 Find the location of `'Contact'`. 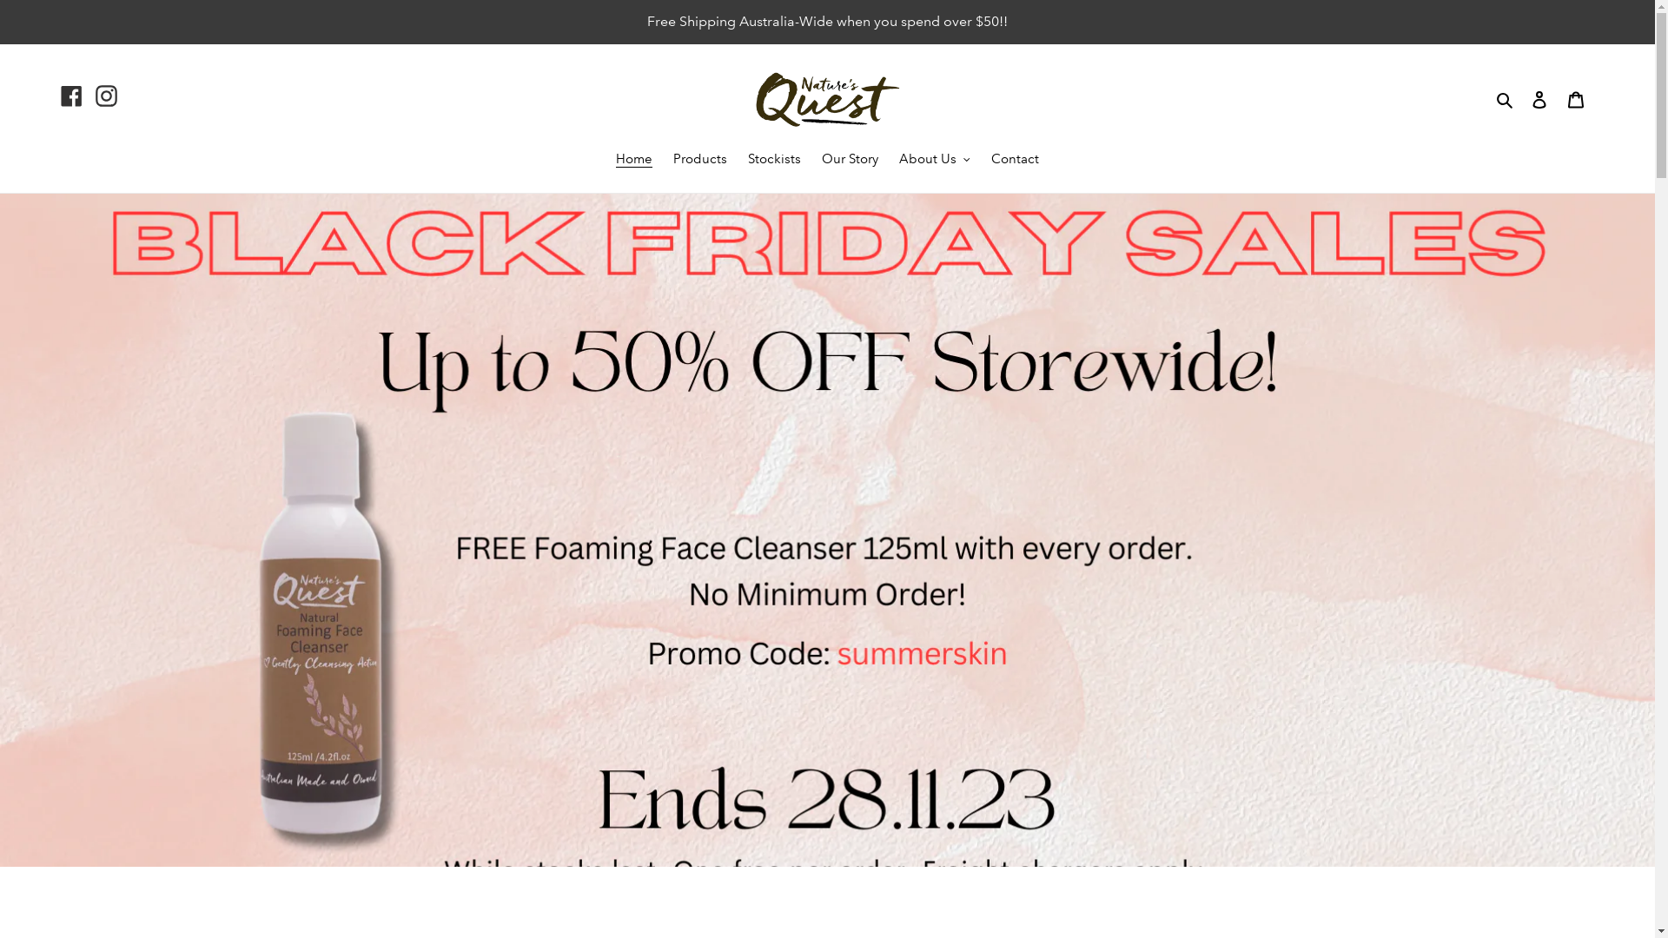

'Contact' is located at coordinates (1015, 161).